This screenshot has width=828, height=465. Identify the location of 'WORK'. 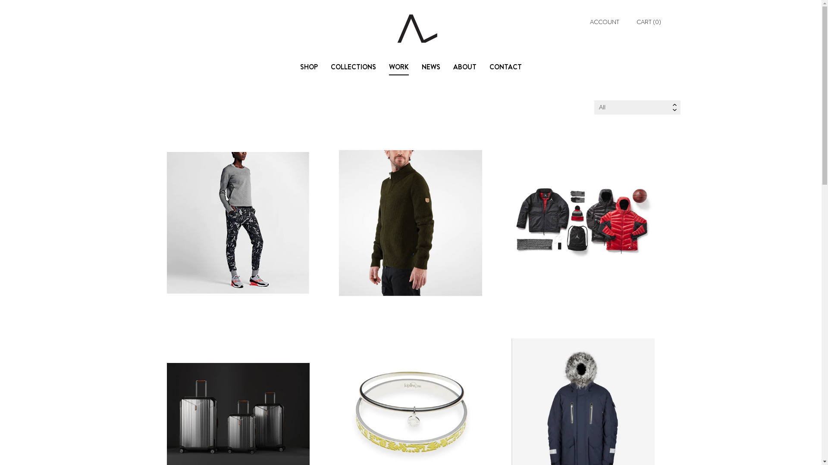
(389, 67).